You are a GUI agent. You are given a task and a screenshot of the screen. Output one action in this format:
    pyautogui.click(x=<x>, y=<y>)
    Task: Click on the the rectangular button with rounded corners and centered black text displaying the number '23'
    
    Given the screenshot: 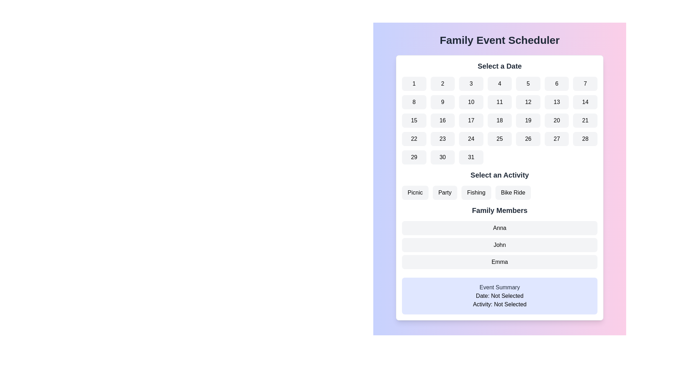 What is the action you would take?
    pyautogui.click(x=442, y=139)
    